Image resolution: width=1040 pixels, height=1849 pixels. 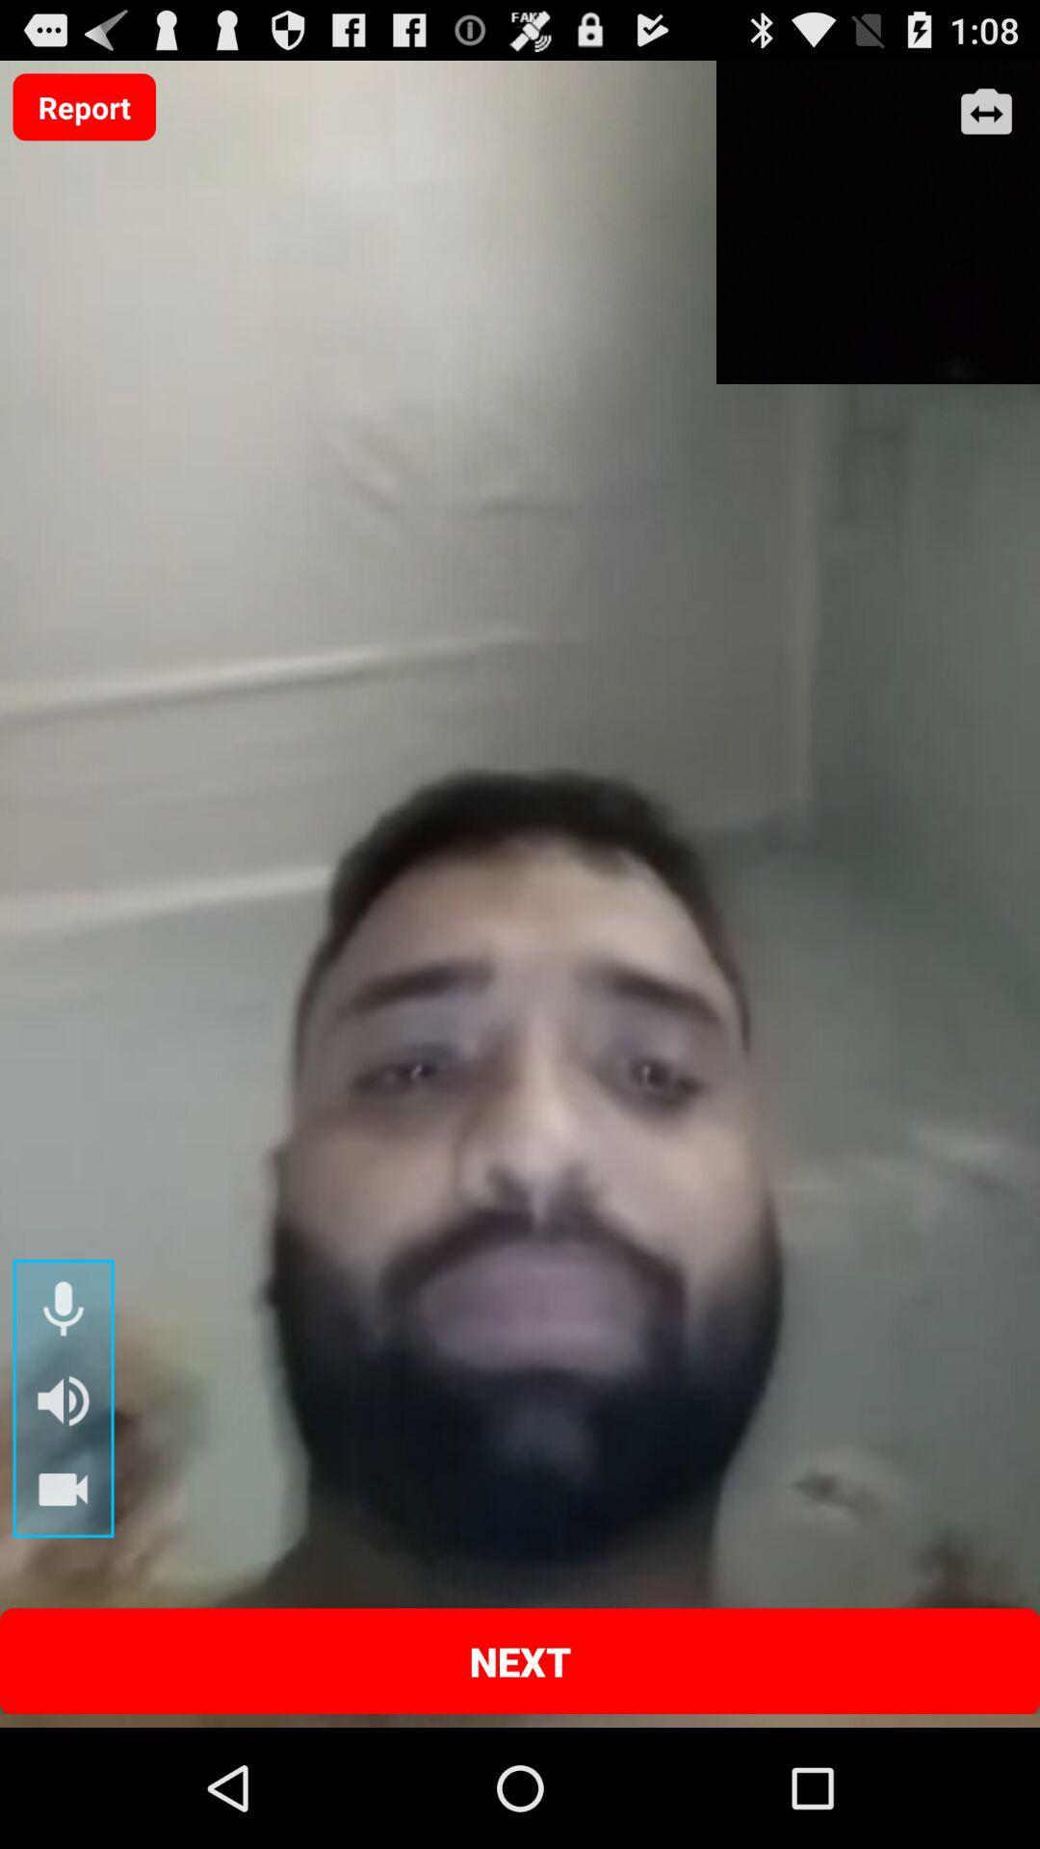 What do you see at coordinates (986, 113) in the screenshot?
I see `previous` at bounding box center [986, 113].